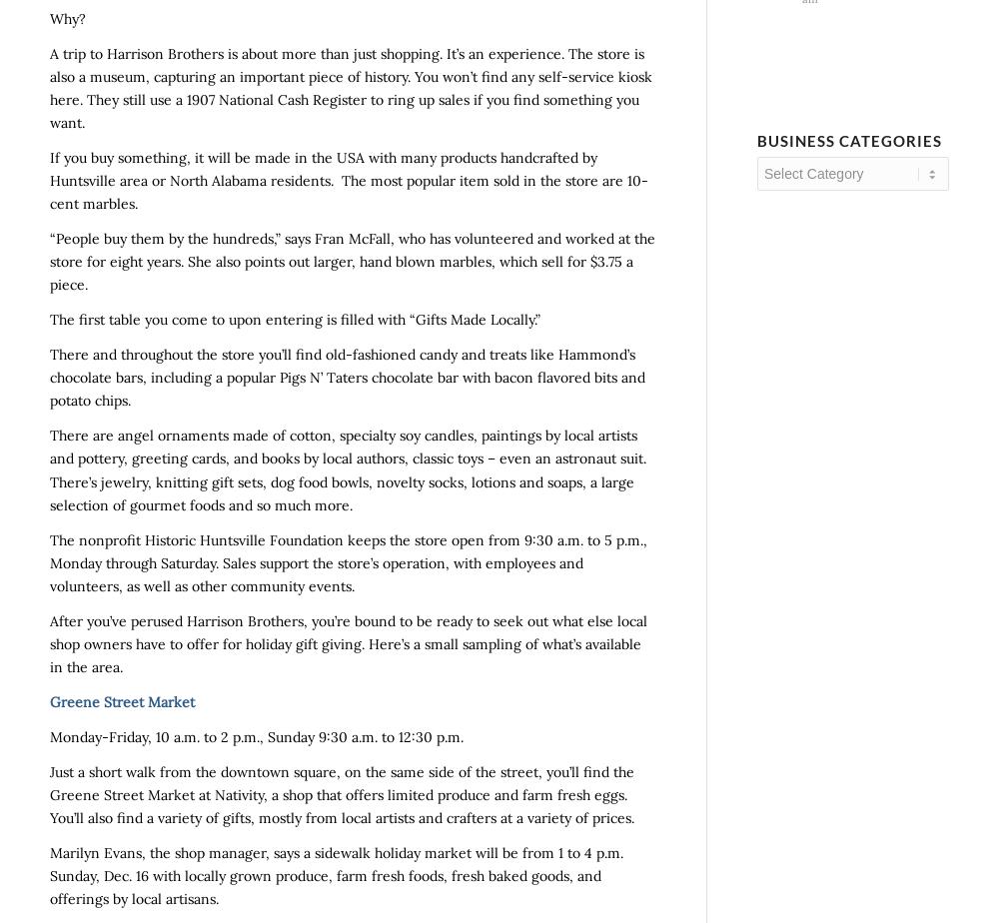 The width and height of the screenshot is (999, 923). What do you see at coordinates (336, 875) in the screenshot?
I see `'Marilyn Evans, the shop manager, says a sidewalk holiday market will be from 1 to 4 p.m. Sunday, Dec. 16 with locally grown produce, farm fresh foods, fresh baked goods, and offerings by local artisans.'` at bounding box center [336, 875].